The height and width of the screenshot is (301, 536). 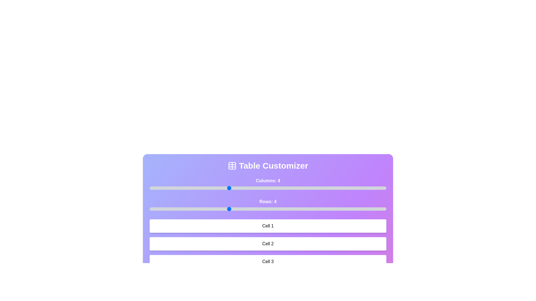 I want to click on the number of rows by setting the slider to 3 rows, so click(x=189, y=209).